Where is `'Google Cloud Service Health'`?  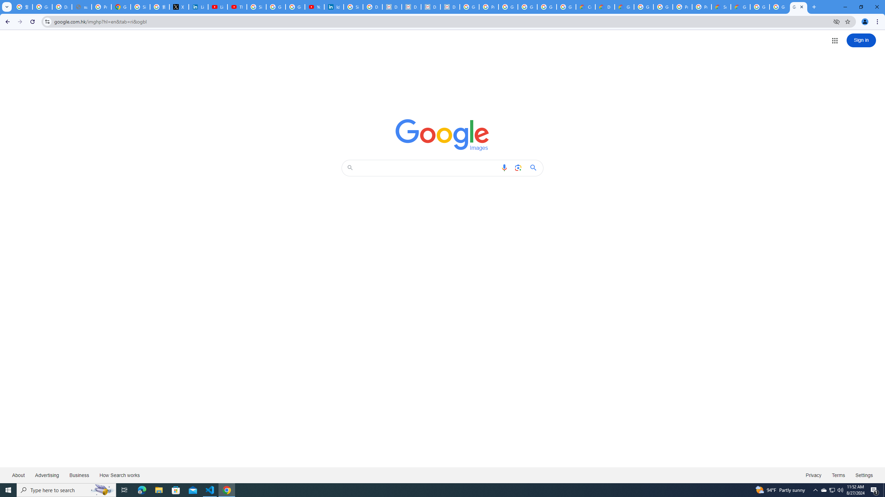
'Google Cloud Service Health' is located at coordinates (740, 7).